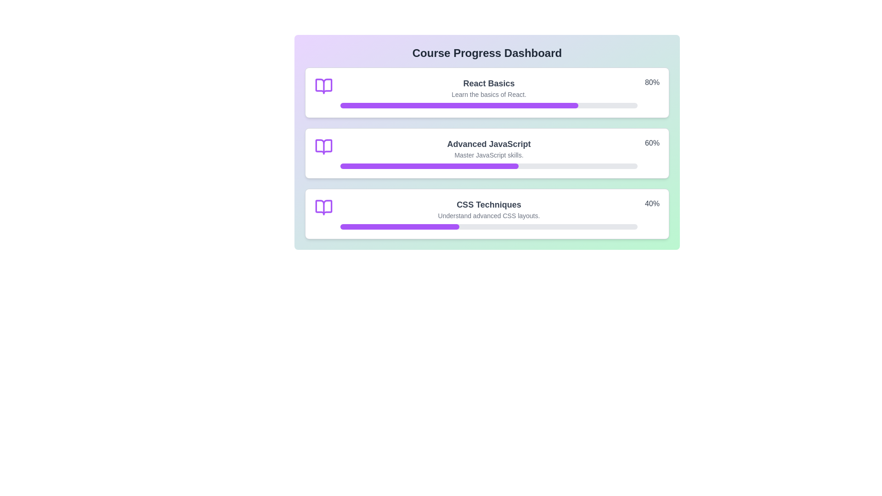 The height and width of the screenshot is (496, 882). Describe the element at coordinates (488, 204) in the screenshot. I see `the heading text labeled 'CSS Techniques', which is a bold and large-sized text located in the bottom third of the course list` at that location.